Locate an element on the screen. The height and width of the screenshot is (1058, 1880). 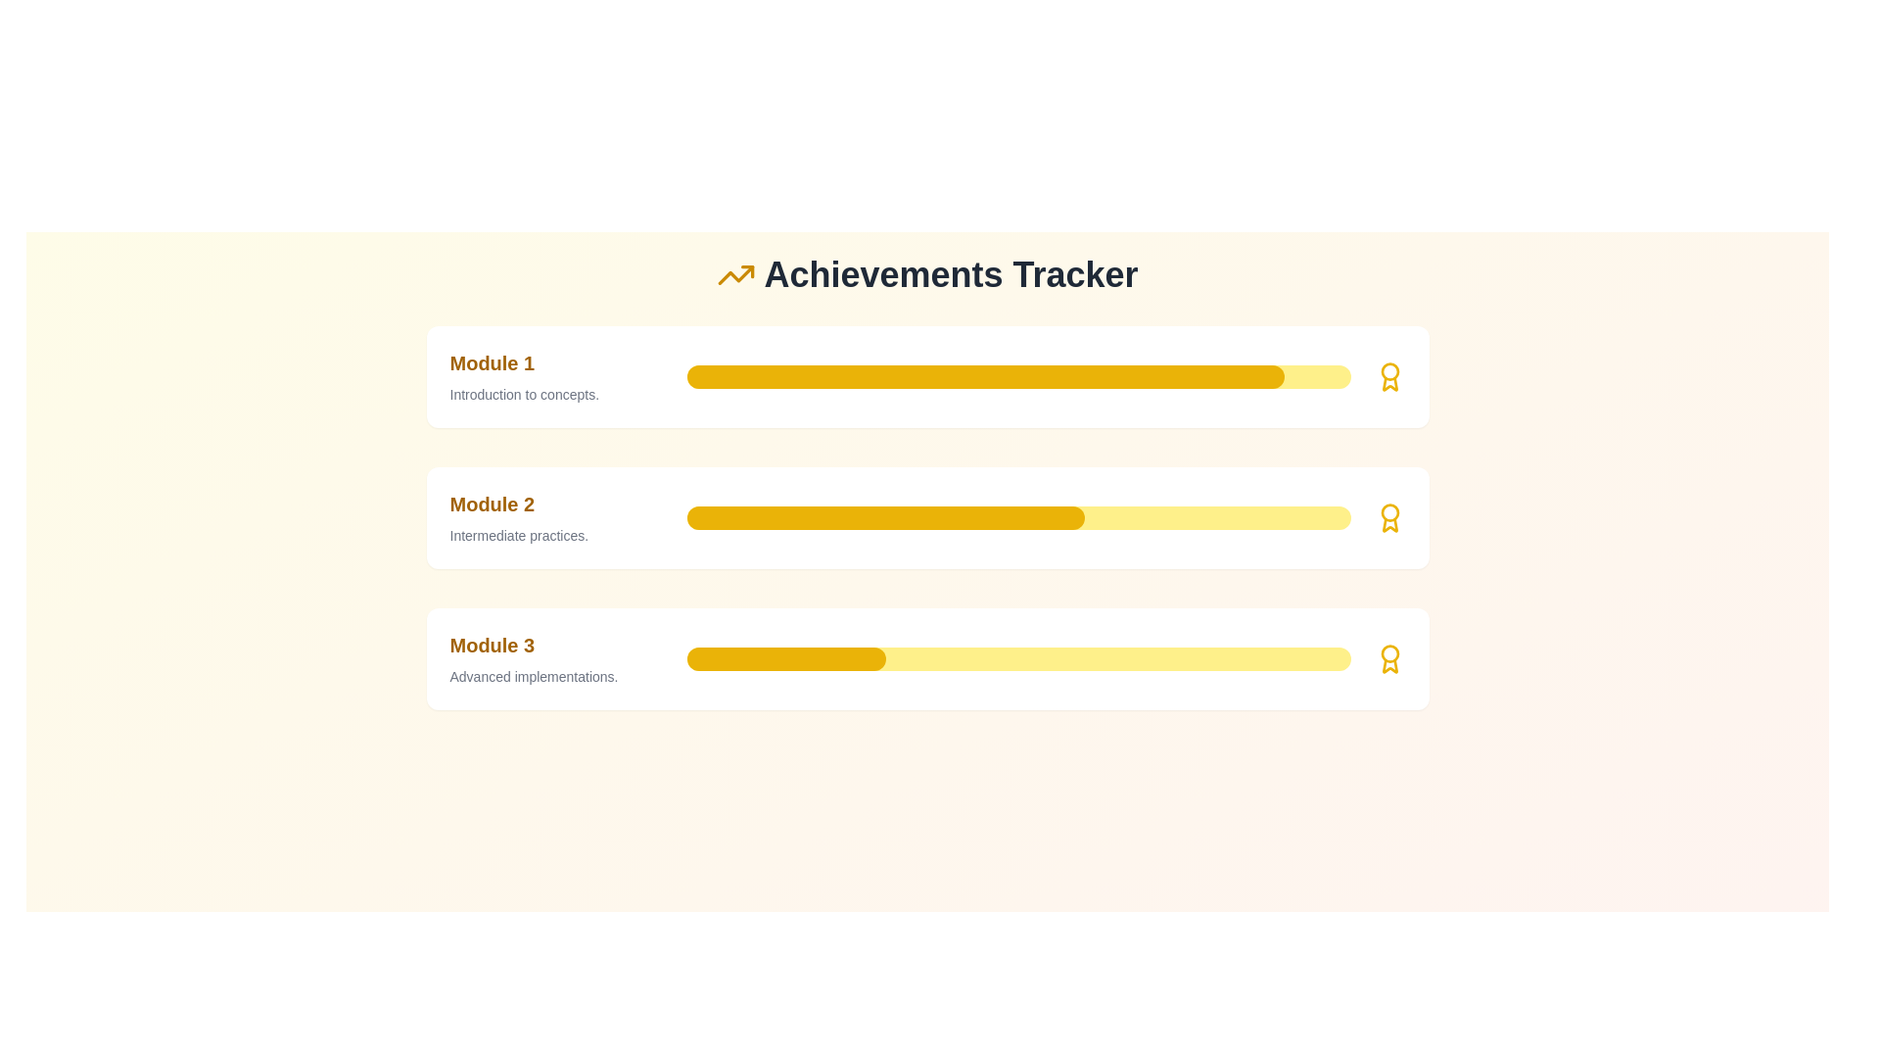
the static text label that provides a summary of the module's content, located below the title 'Module 1' and to the left of the progress bar is located at coordinates (559, 394).